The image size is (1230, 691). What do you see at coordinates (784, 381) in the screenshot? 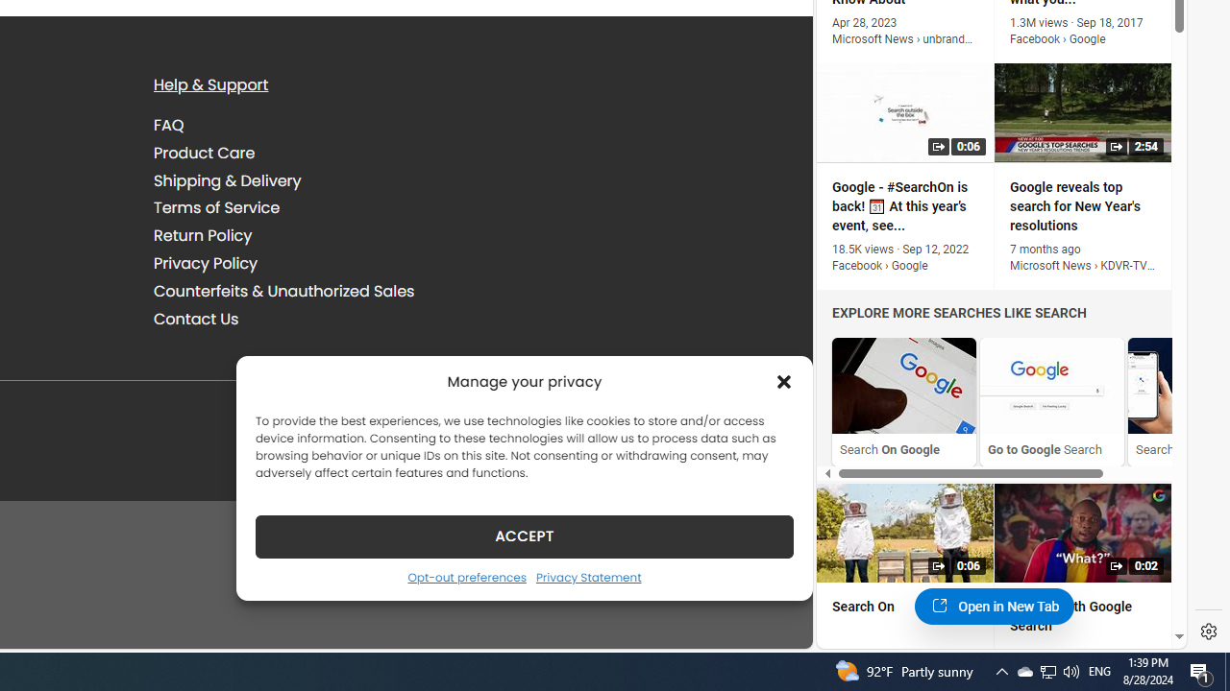
I see `'Class: cmplz-close'` at bounding box center [784, 381].